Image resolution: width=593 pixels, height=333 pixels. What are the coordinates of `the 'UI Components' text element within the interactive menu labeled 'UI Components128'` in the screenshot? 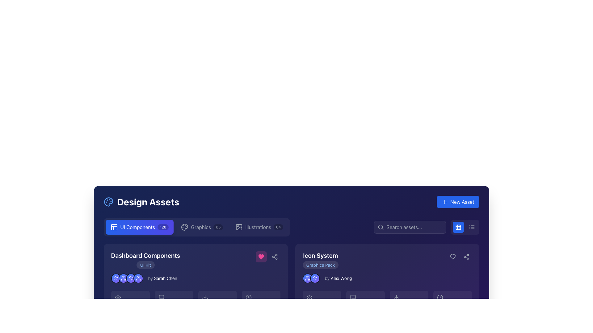 It's located at (137, 227).